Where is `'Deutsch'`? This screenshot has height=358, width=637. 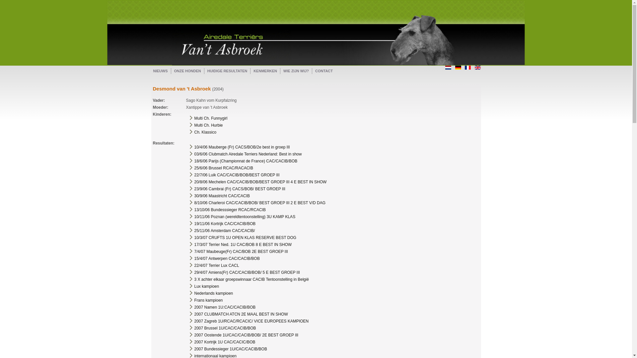 'Deutsch' is located at coordinates (458, 68).